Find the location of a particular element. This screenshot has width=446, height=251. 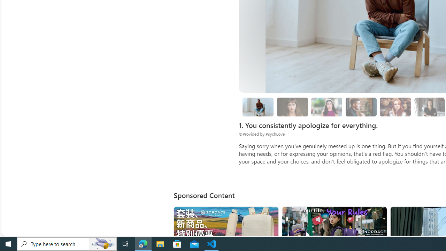

'8. Surround yourself with solution-oriented people.' is located at coordinates (429, 107).